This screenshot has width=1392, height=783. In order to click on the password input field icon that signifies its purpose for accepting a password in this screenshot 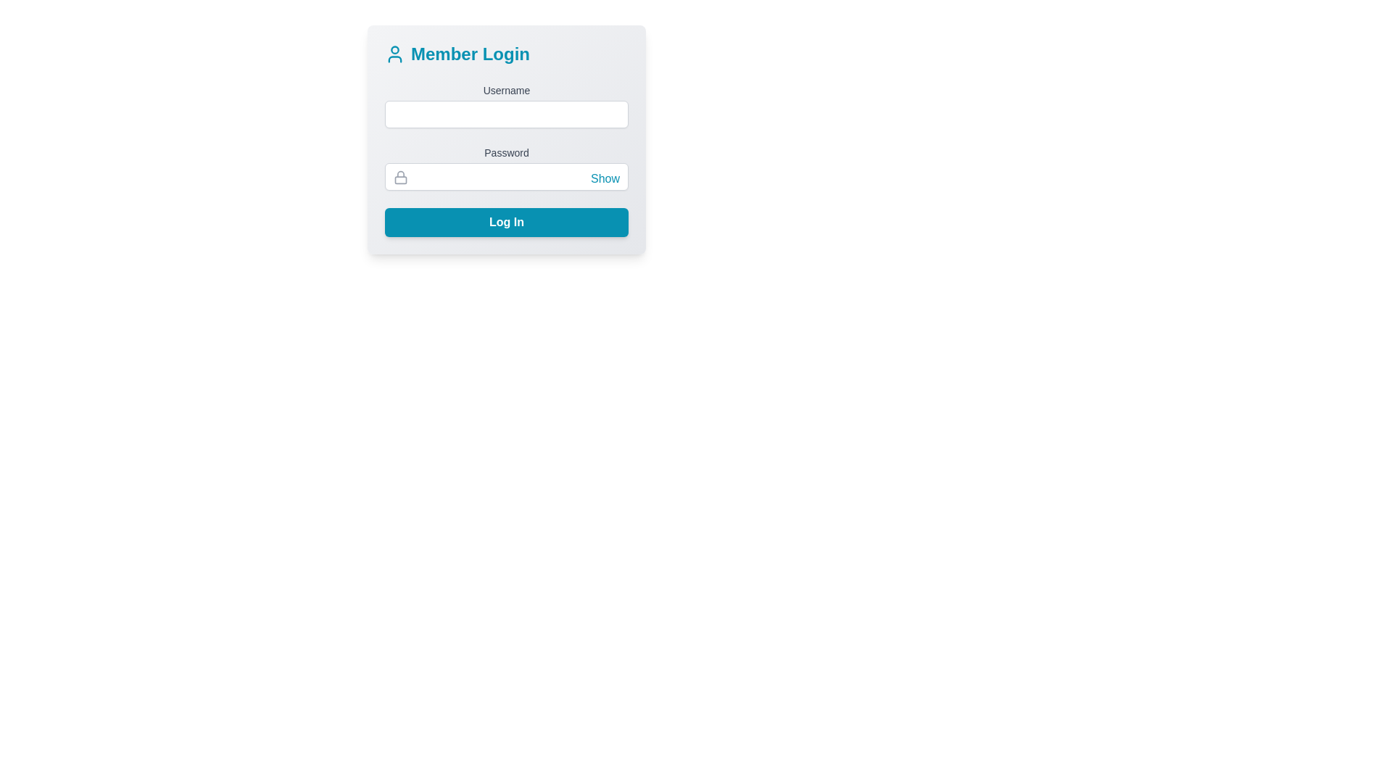, I will do `click(400, 177)`.